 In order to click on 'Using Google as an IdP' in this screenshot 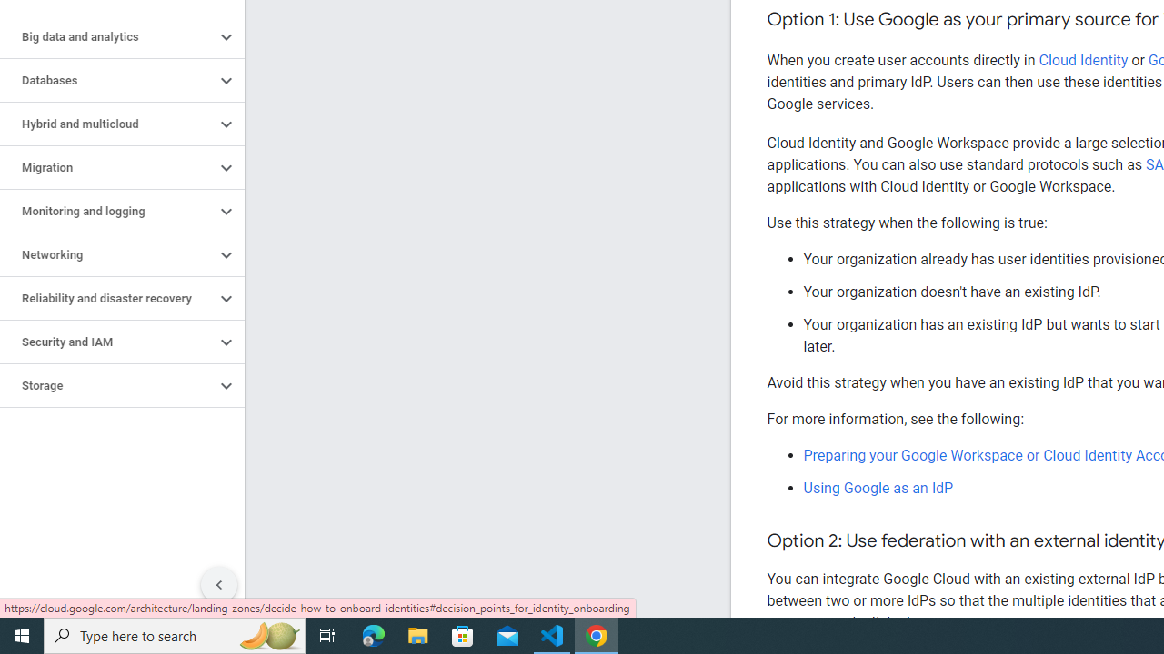, I will do `click(878, 487)`.